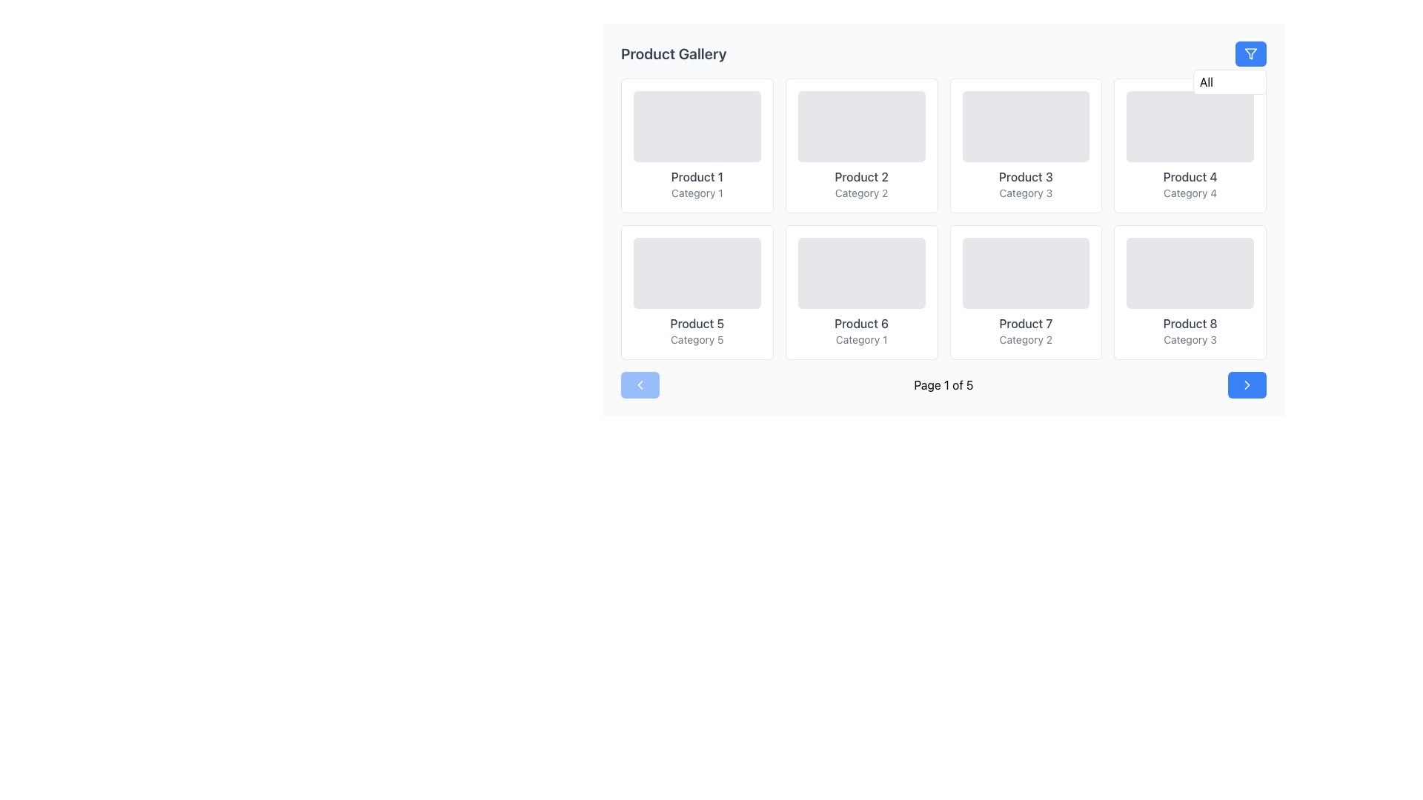 The width and height of the screenshot is (1423, 800). Describe the element at coordinates (696, 193) in the screenshot. I see `text label indicating the category 'Category 1' associated with 'Product 1', located below the 'Product 1' label in the bottom-left quadrant of the grid of product listings` at that location.